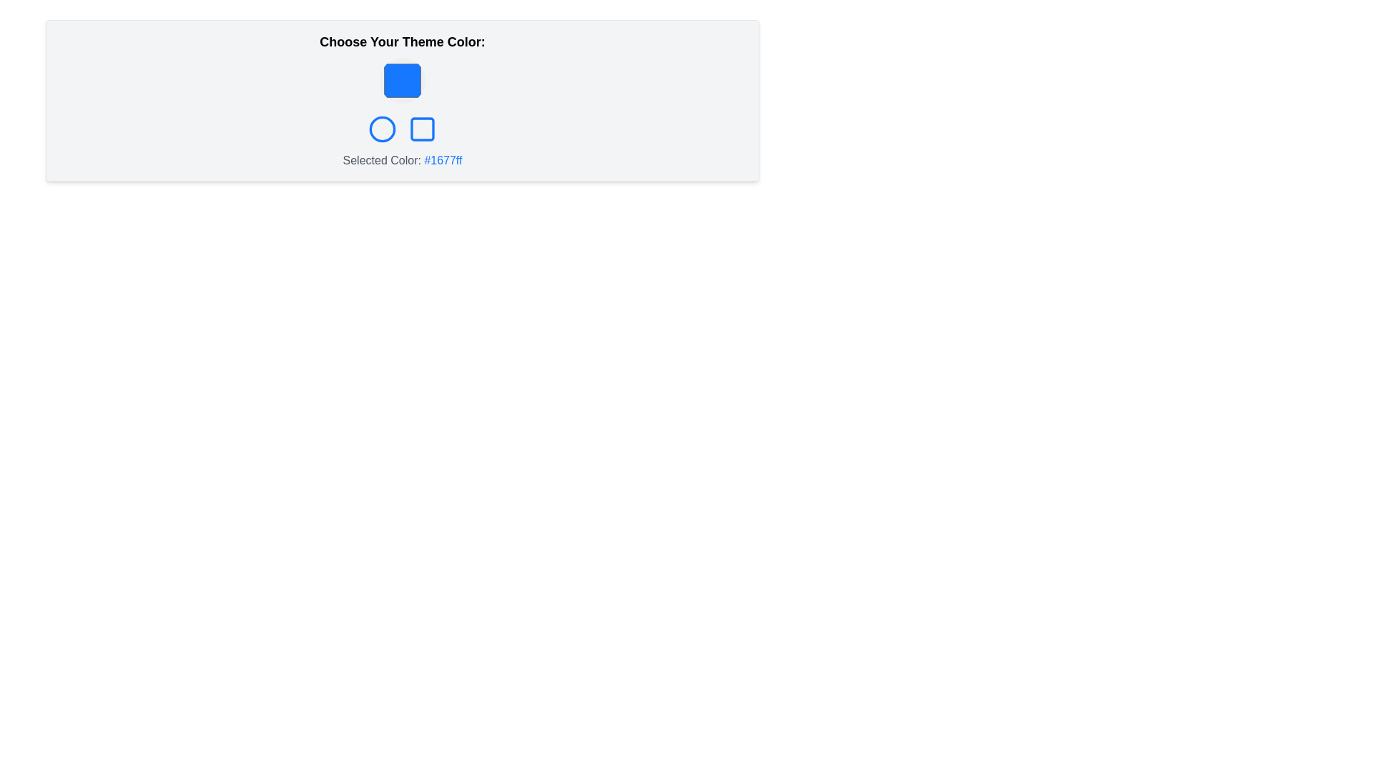 This screenshot has width=1373, height=772. What do you see at coordinates (382, 129) in the screenshot?
I see `the second color choice button under 'Choose Your Theme Color'` at bounding box center [382, 129].